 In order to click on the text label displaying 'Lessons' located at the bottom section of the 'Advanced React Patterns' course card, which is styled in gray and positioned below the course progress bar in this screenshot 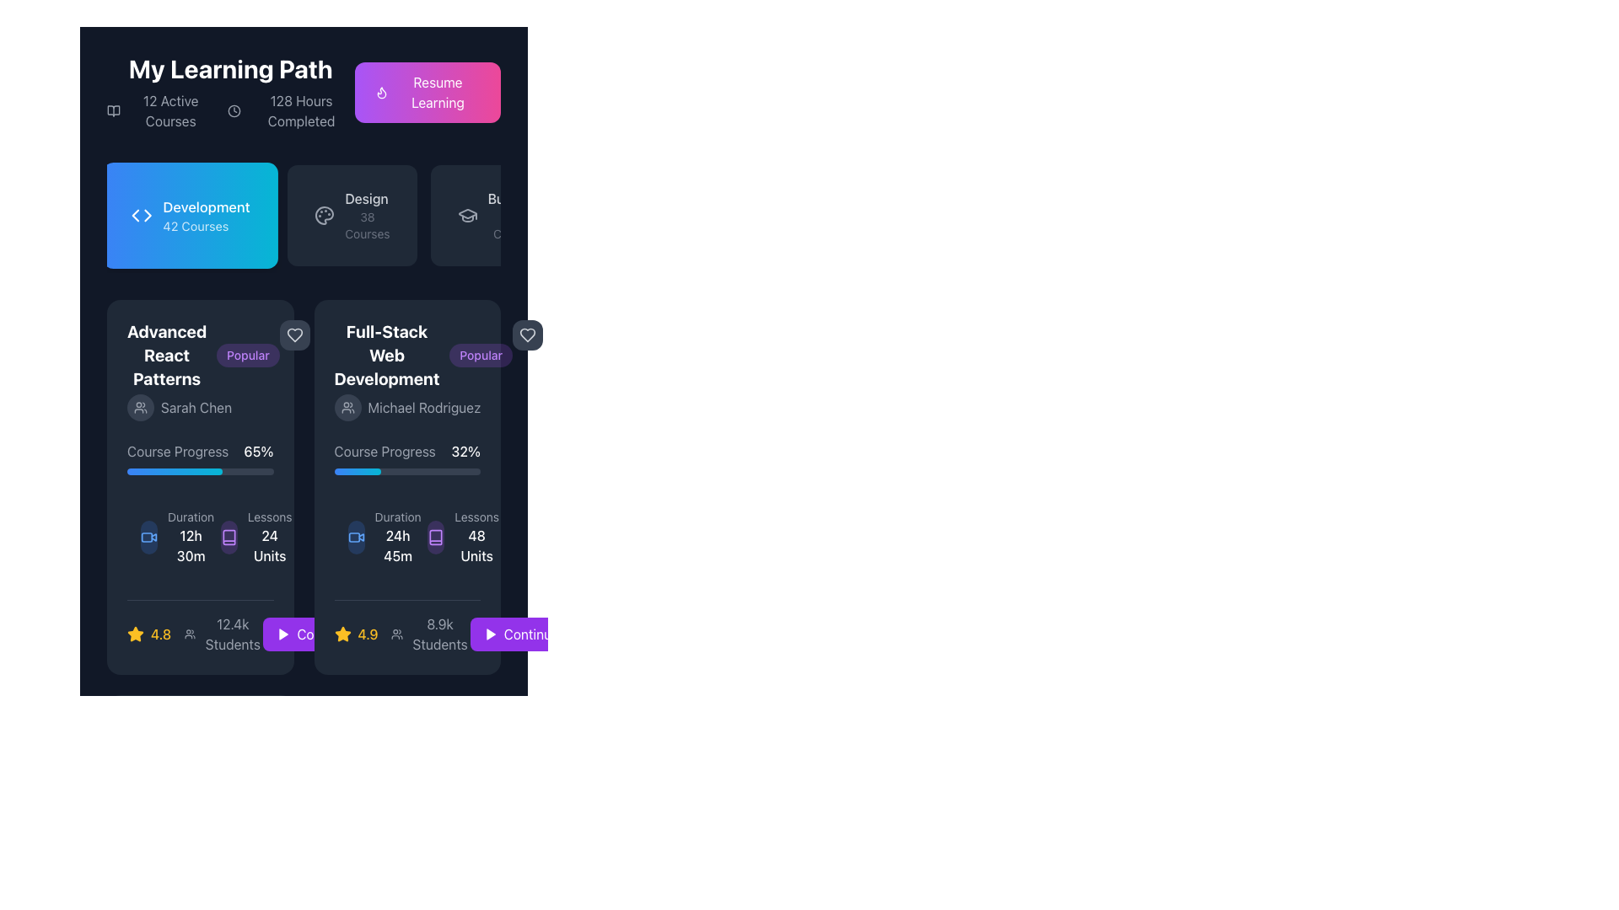, I will do `click(270, 516)`.